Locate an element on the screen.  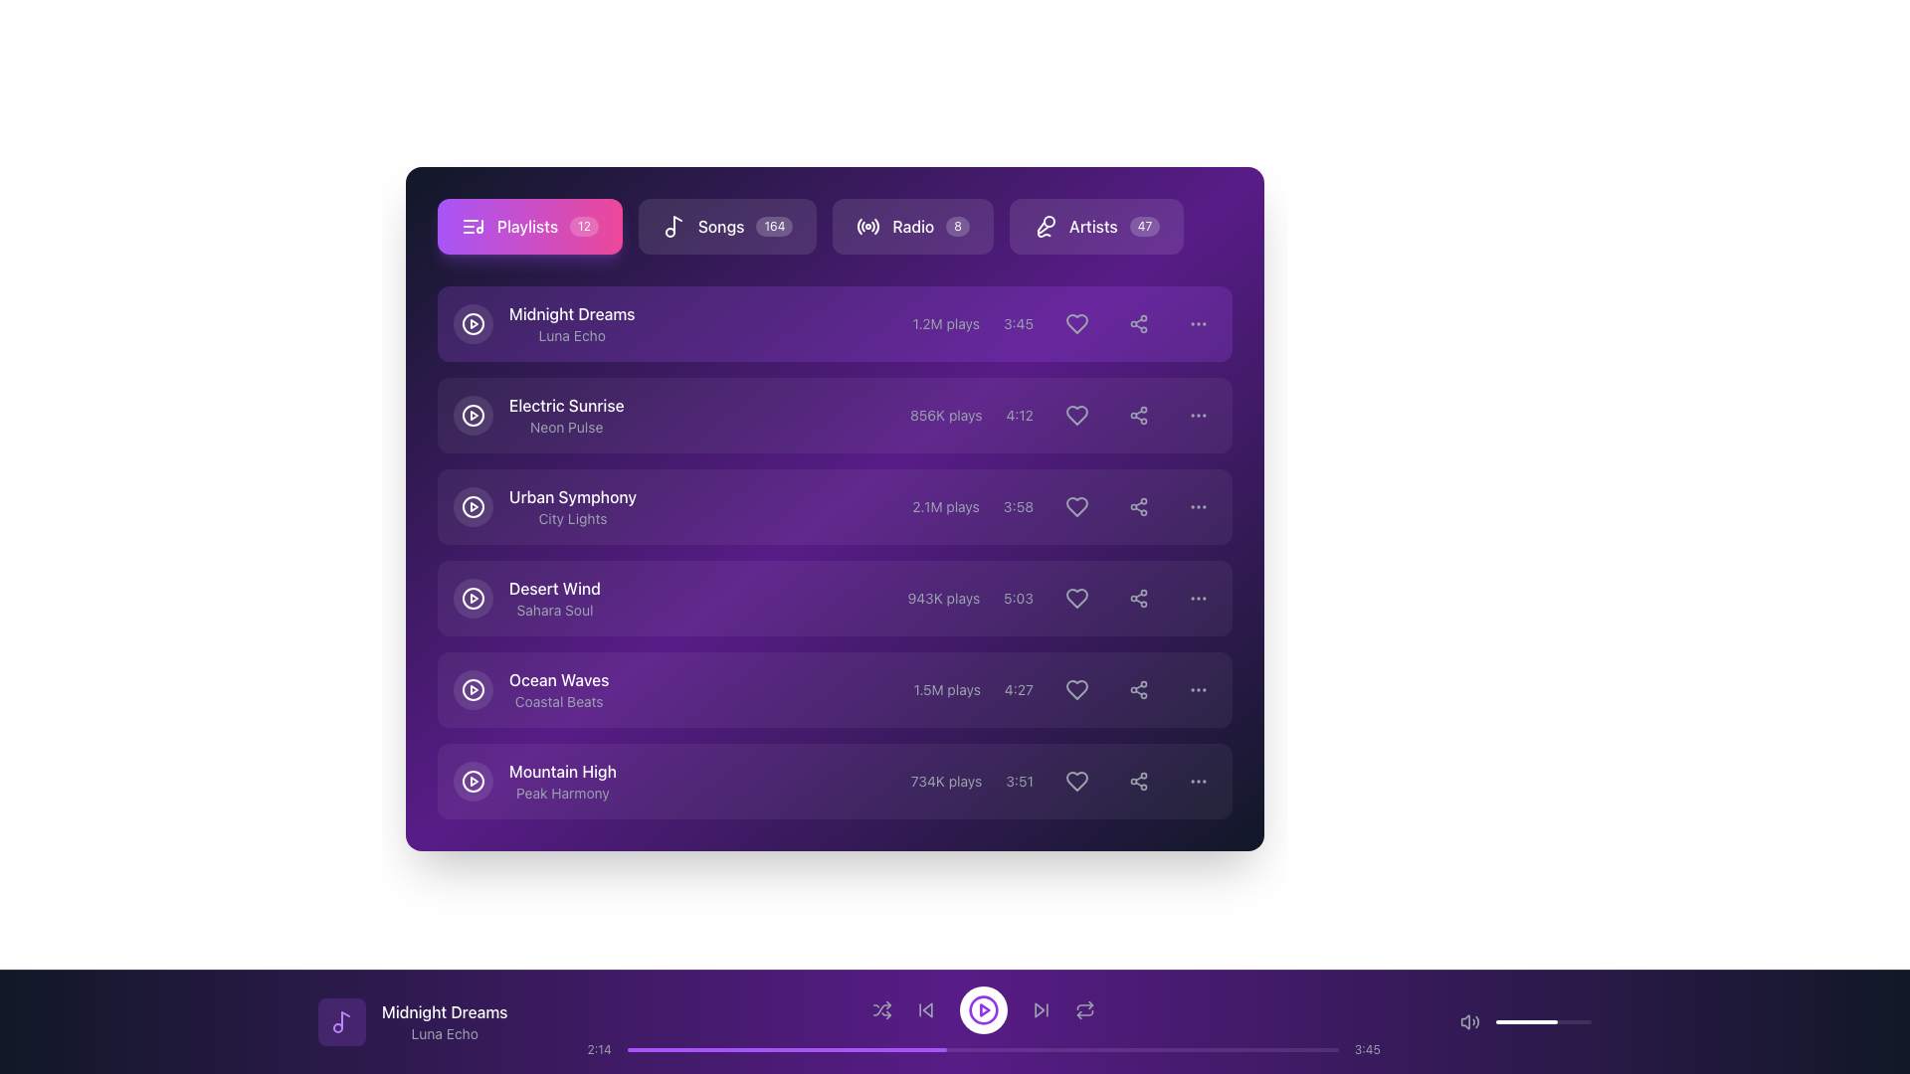
the textual representation of the playlist entry located centrally in the second row of the playlist list view is located at coordinates (565, 414).